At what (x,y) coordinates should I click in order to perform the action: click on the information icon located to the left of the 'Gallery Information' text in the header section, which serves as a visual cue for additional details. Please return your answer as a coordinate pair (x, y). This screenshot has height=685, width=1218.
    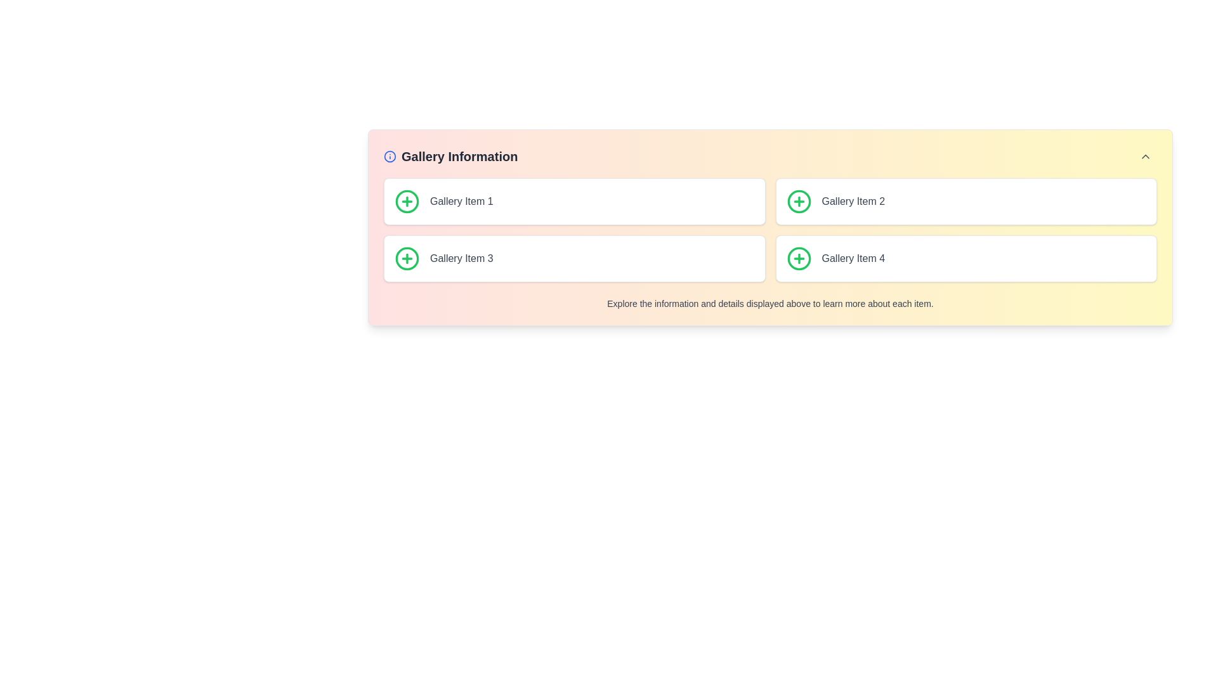
    Looking at the image, I should click on (389, 155).